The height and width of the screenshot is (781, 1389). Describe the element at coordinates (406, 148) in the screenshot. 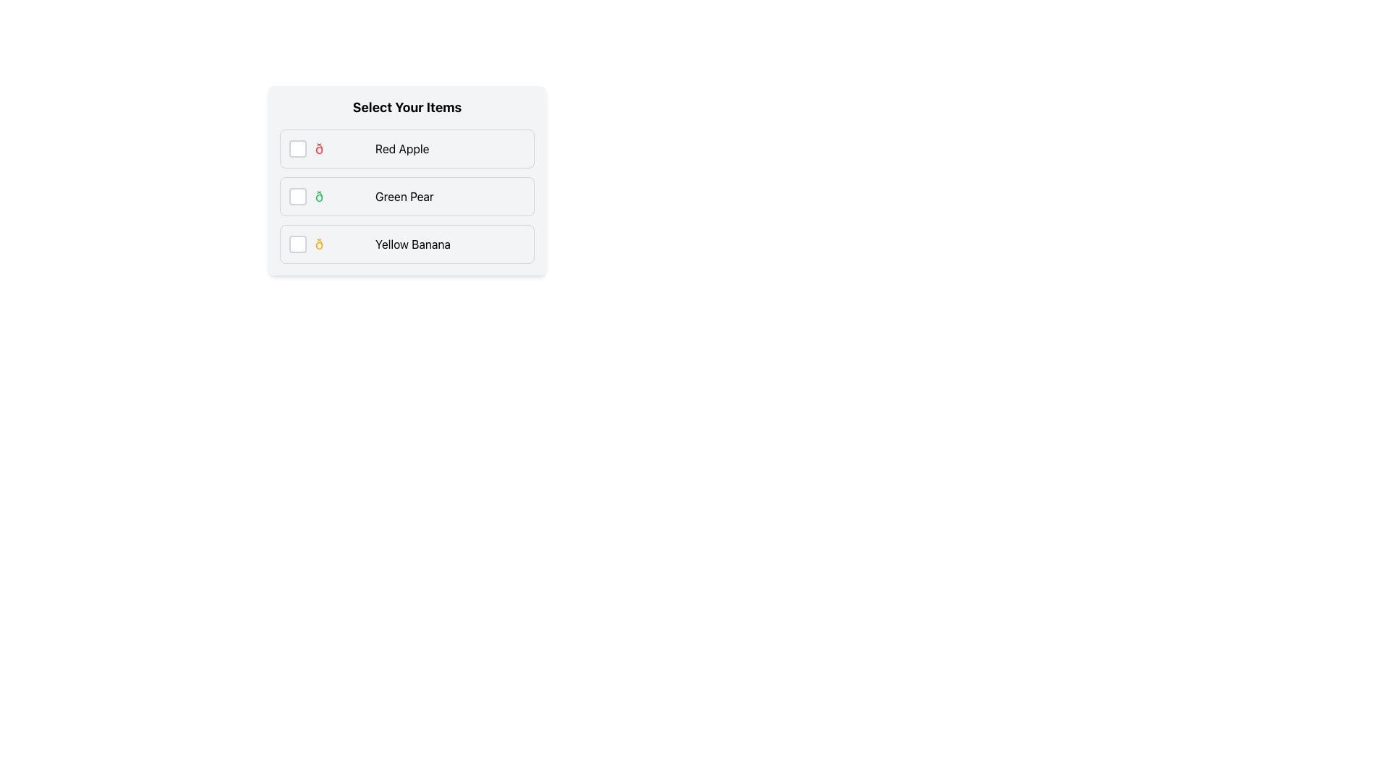

I see `the first checkbox option labeled 'Red Apple'` at that location.